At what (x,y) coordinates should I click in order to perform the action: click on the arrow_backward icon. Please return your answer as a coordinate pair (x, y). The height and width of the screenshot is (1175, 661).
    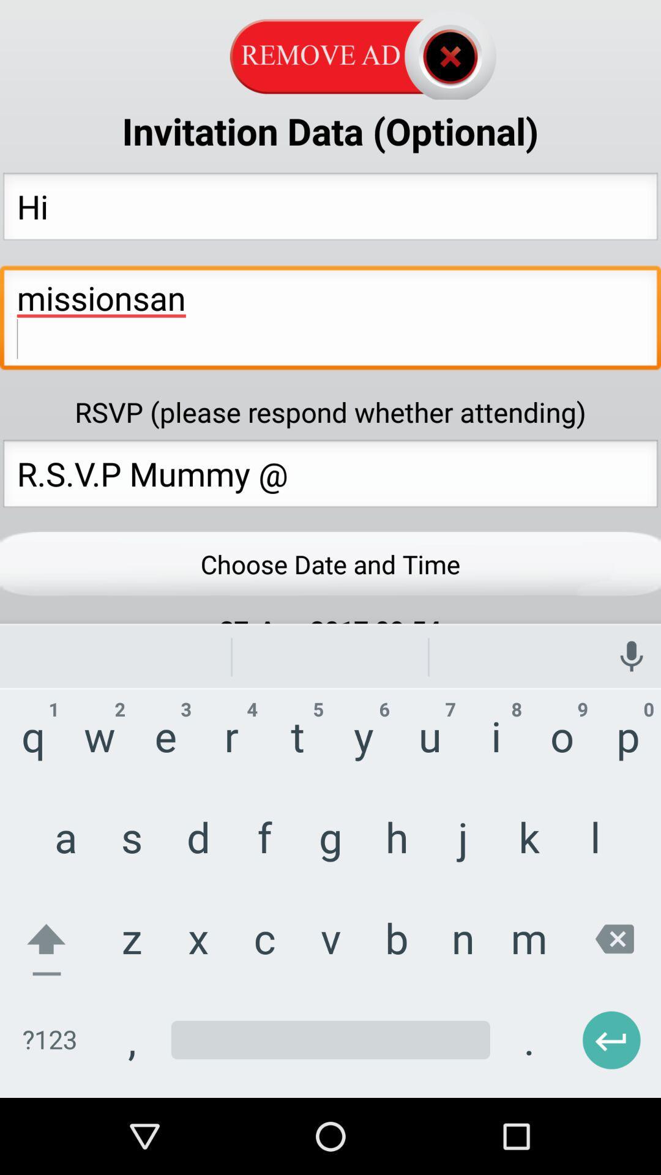
    Looking at the image, I should click on (596, 1123).